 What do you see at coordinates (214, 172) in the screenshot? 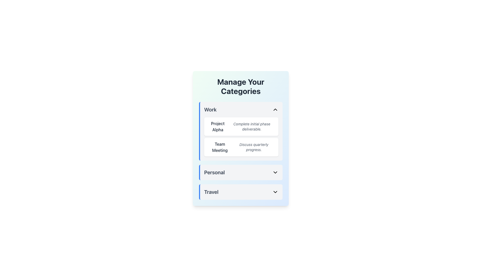
I see `the 'Personal' text label located within the 'Manage Your Categories' section to trigger visual cues` at bounding box center [214, 172].